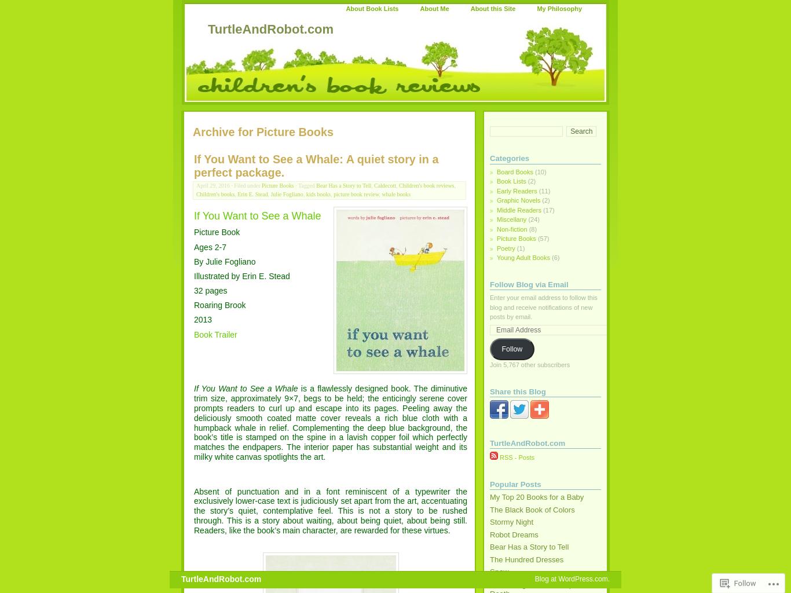  I want to click on 'My Philosophy', so click(559, 8).